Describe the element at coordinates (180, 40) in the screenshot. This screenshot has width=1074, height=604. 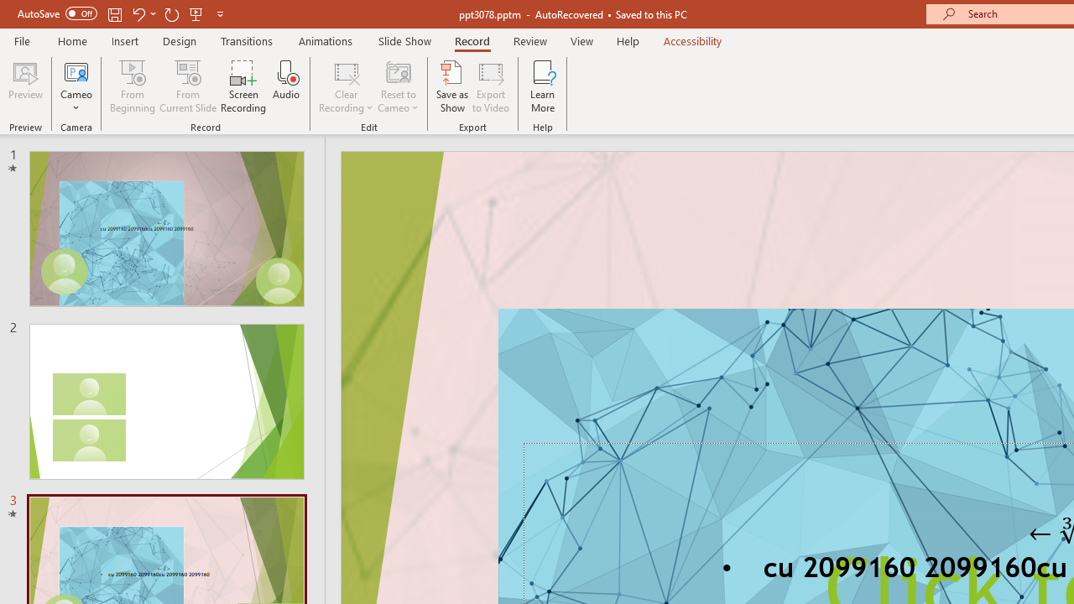
I see `'Design'` at that location.